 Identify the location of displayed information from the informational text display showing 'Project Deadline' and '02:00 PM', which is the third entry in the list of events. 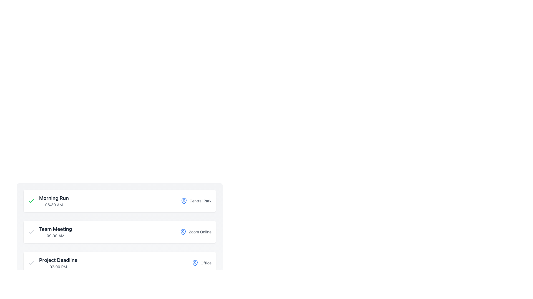
(58, 262).